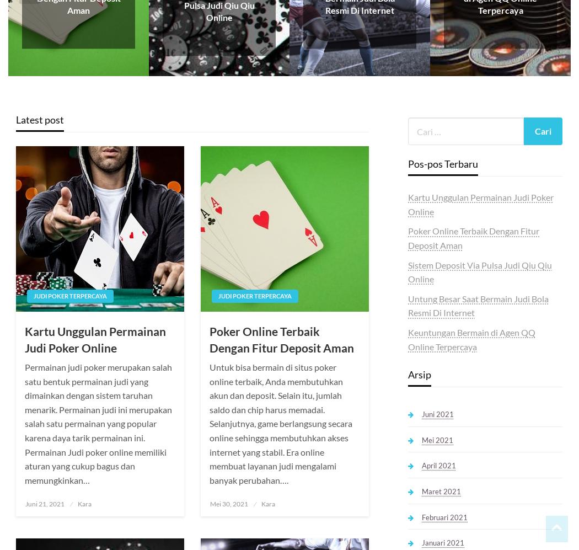  I want to click on 'Untung Besar Saat Bermain Judi Bola Resmi Di Internet', so click(478, 305).